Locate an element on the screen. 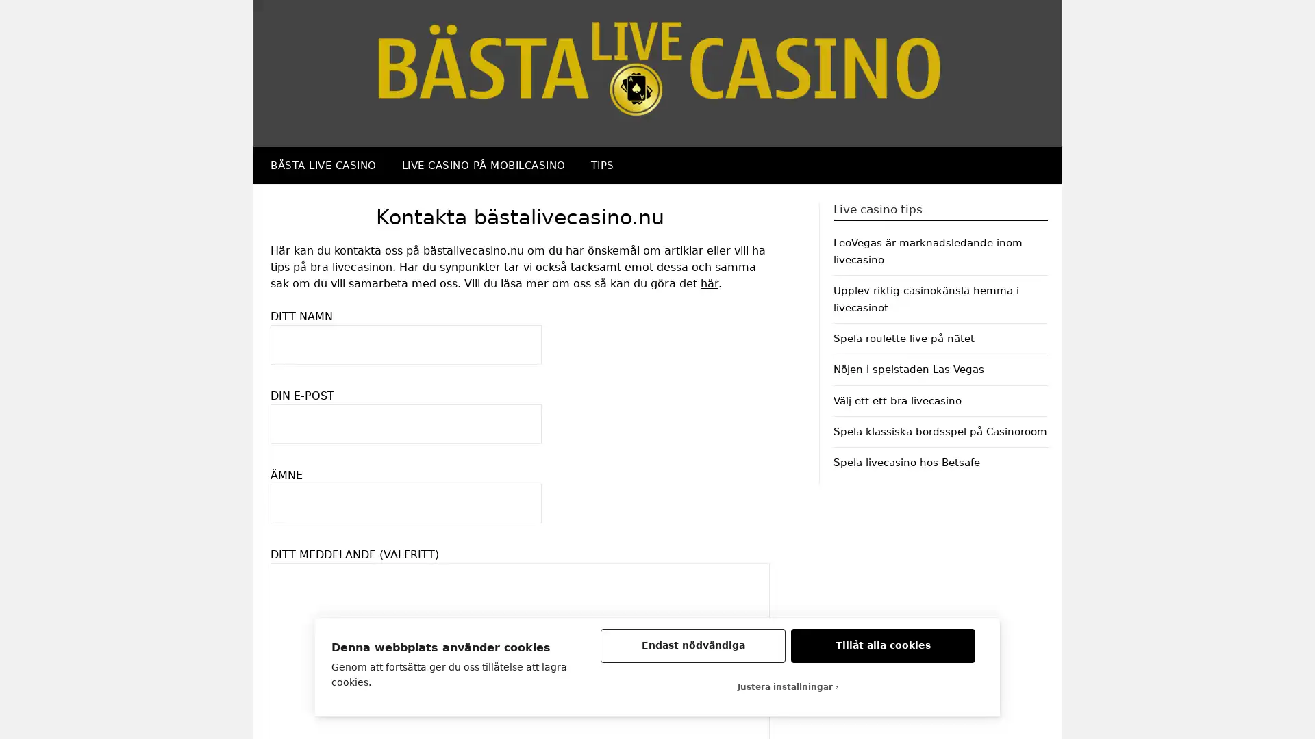 The height and width of the screenshot is (739, 1315). Endast nodvandiga is located at coordinates (692, 646).